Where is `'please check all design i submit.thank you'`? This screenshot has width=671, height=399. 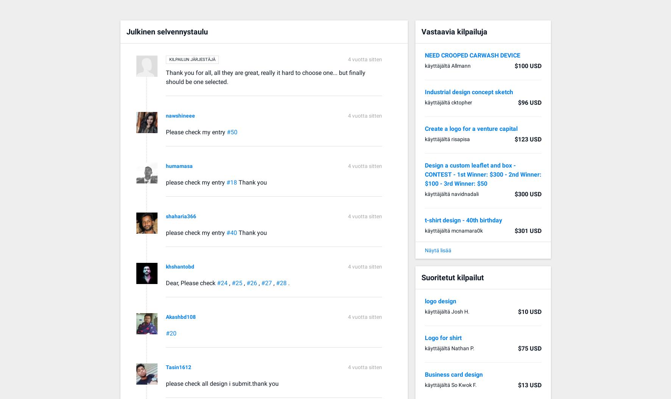 'please check all design i submit.thank you' is located at coordinates (166, 383).